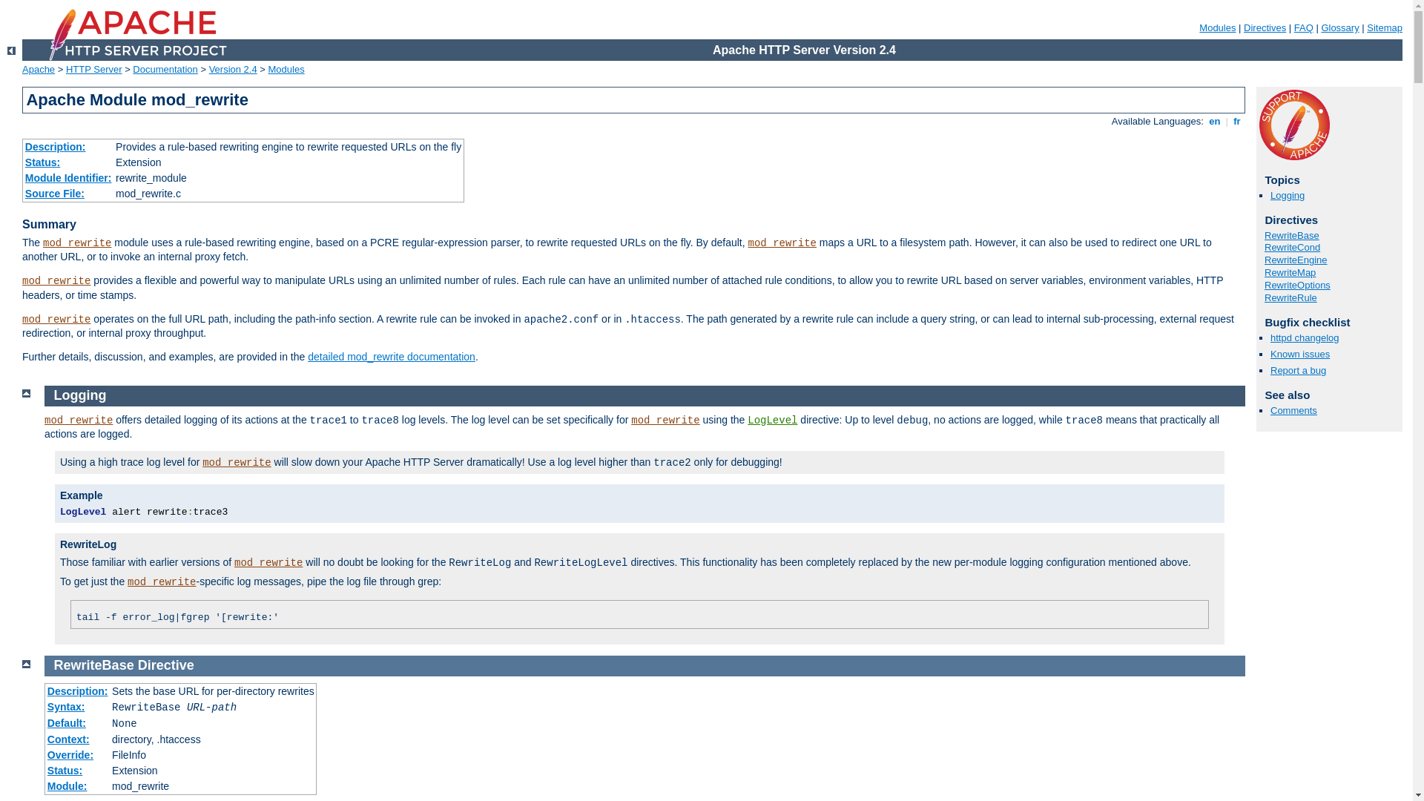 The image size is (1424, 801). What do you see at coordinates (1299, 354) in the screenshot?
I see `'Known issues'` at bounding box center [1299, 354].